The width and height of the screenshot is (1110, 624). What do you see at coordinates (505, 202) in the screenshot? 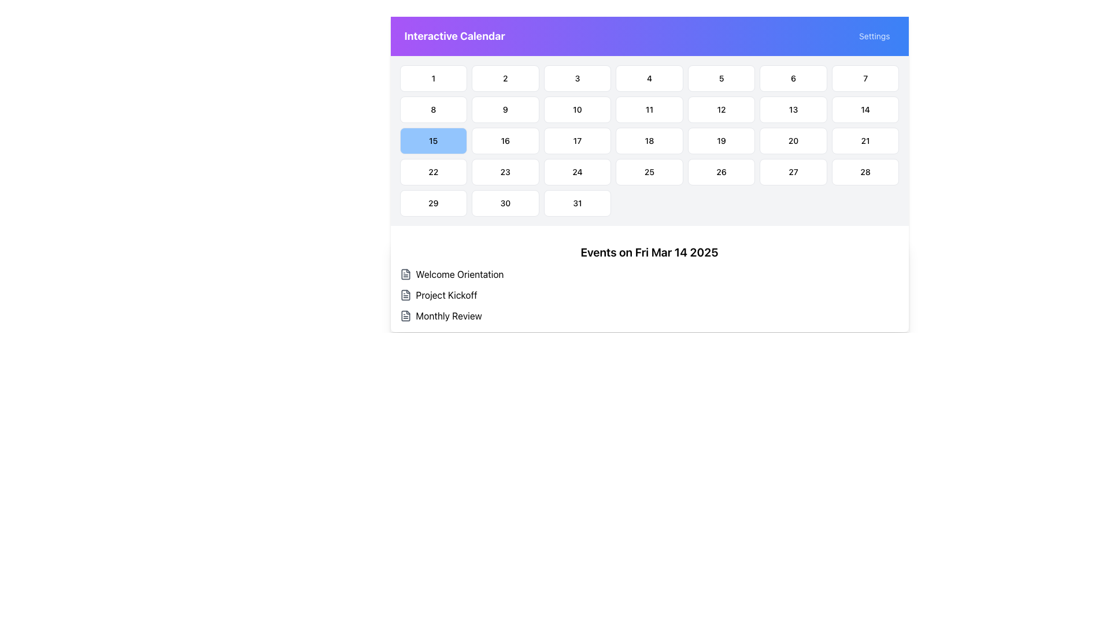
I see `the calendar button representing the 30th day` at bounding box center [505, 202].